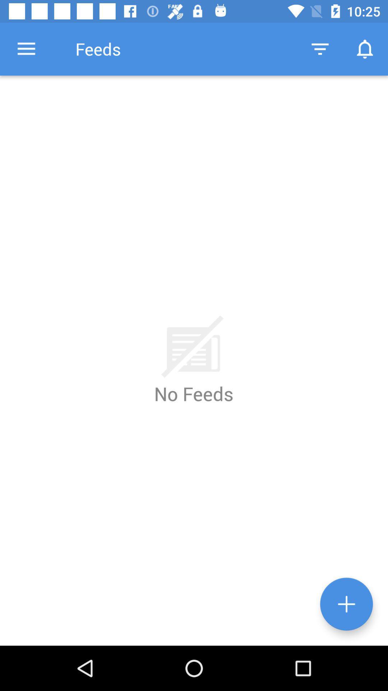  I want to click on the icon next to feeds item, so click(26, 49).